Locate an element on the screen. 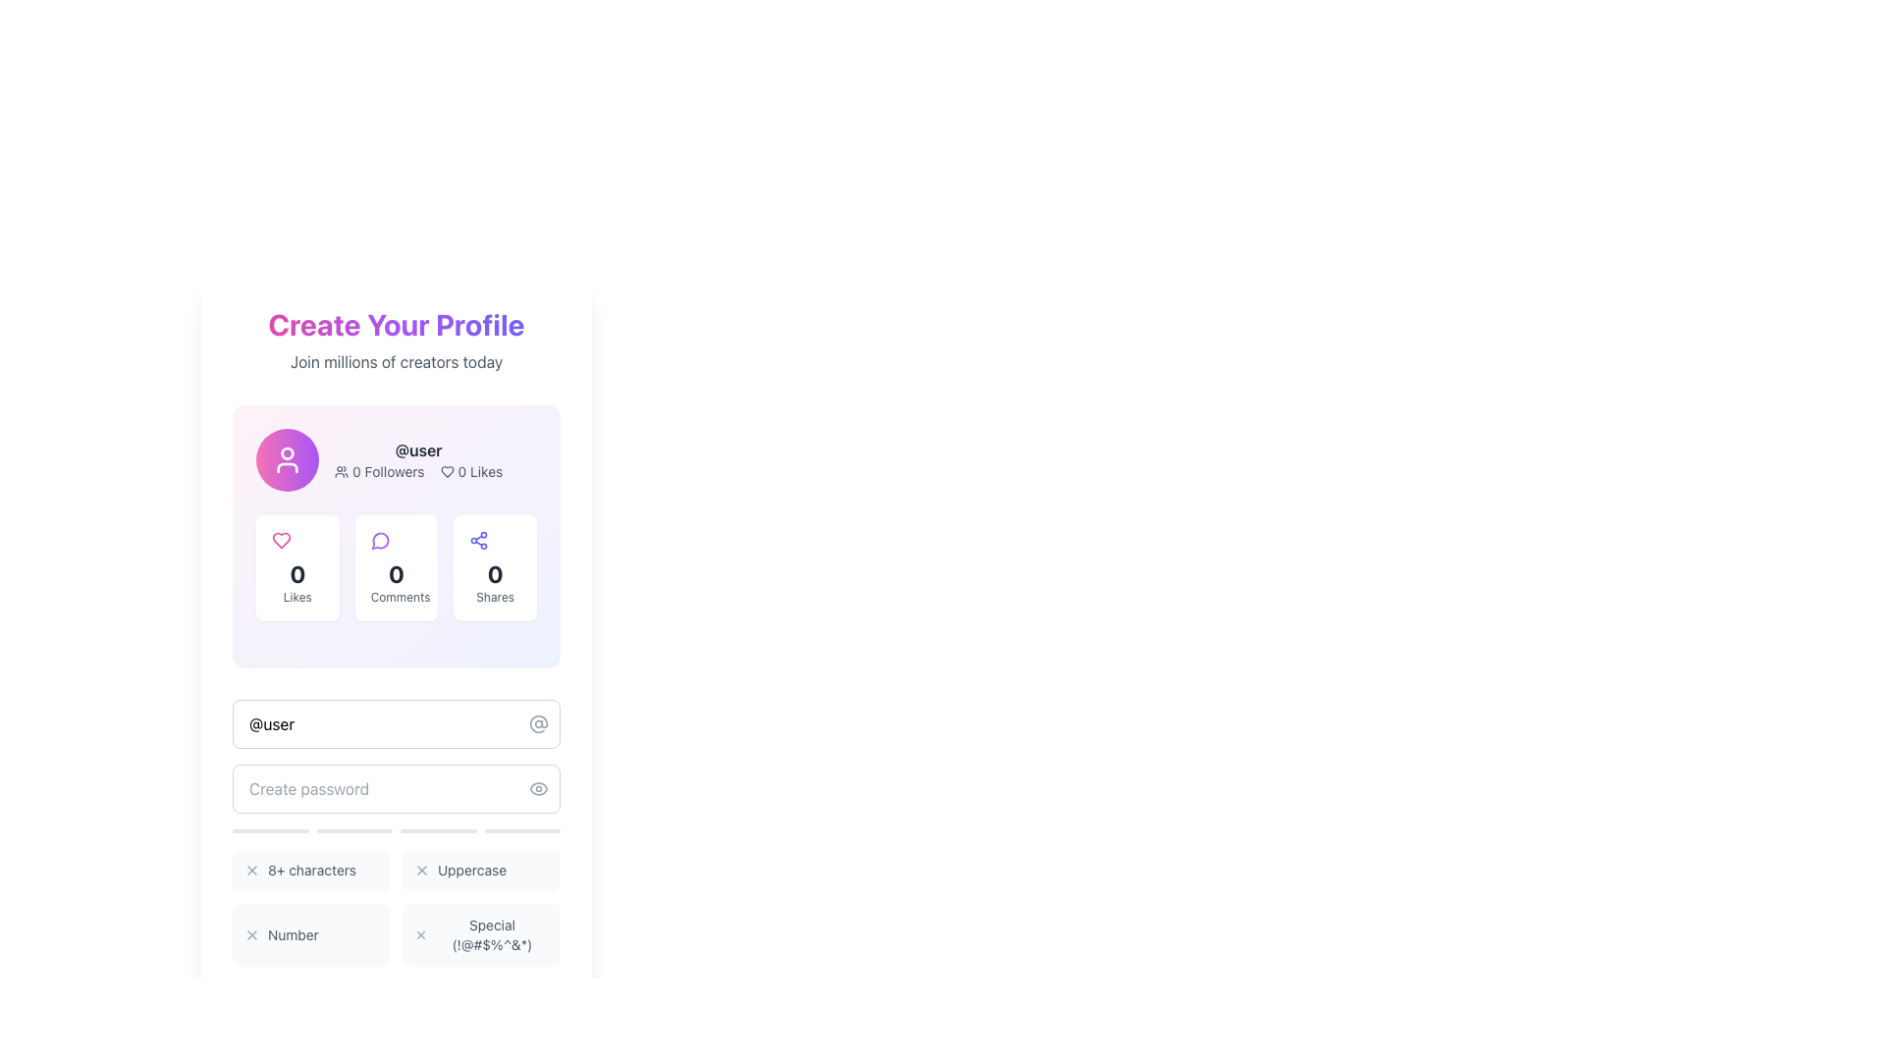 The width and height of the screenshot is (1885, 1060). the heart-shaped icon that represents a like button, which is located in the top-right section of the user profile card, next to the '@user' username is located at coordinates (446, 472).